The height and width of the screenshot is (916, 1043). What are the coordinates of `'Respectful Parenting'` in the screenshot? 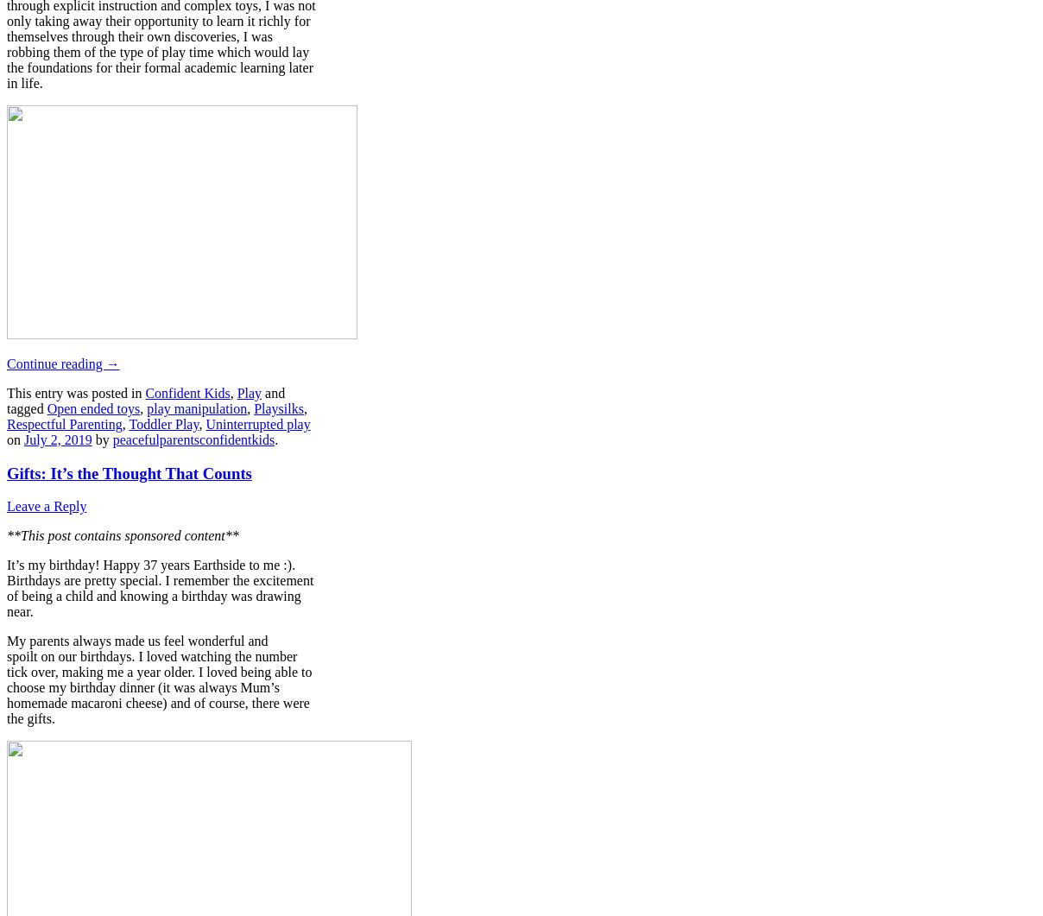 It's located at (5, 423).